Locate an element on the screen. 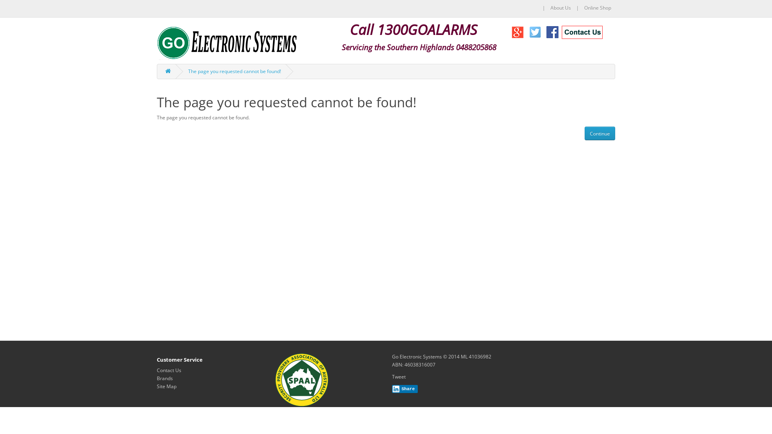 This screenshot has width=772, height=434. 'The page you requested cannot be found!' is located at coordinates (187, 71).